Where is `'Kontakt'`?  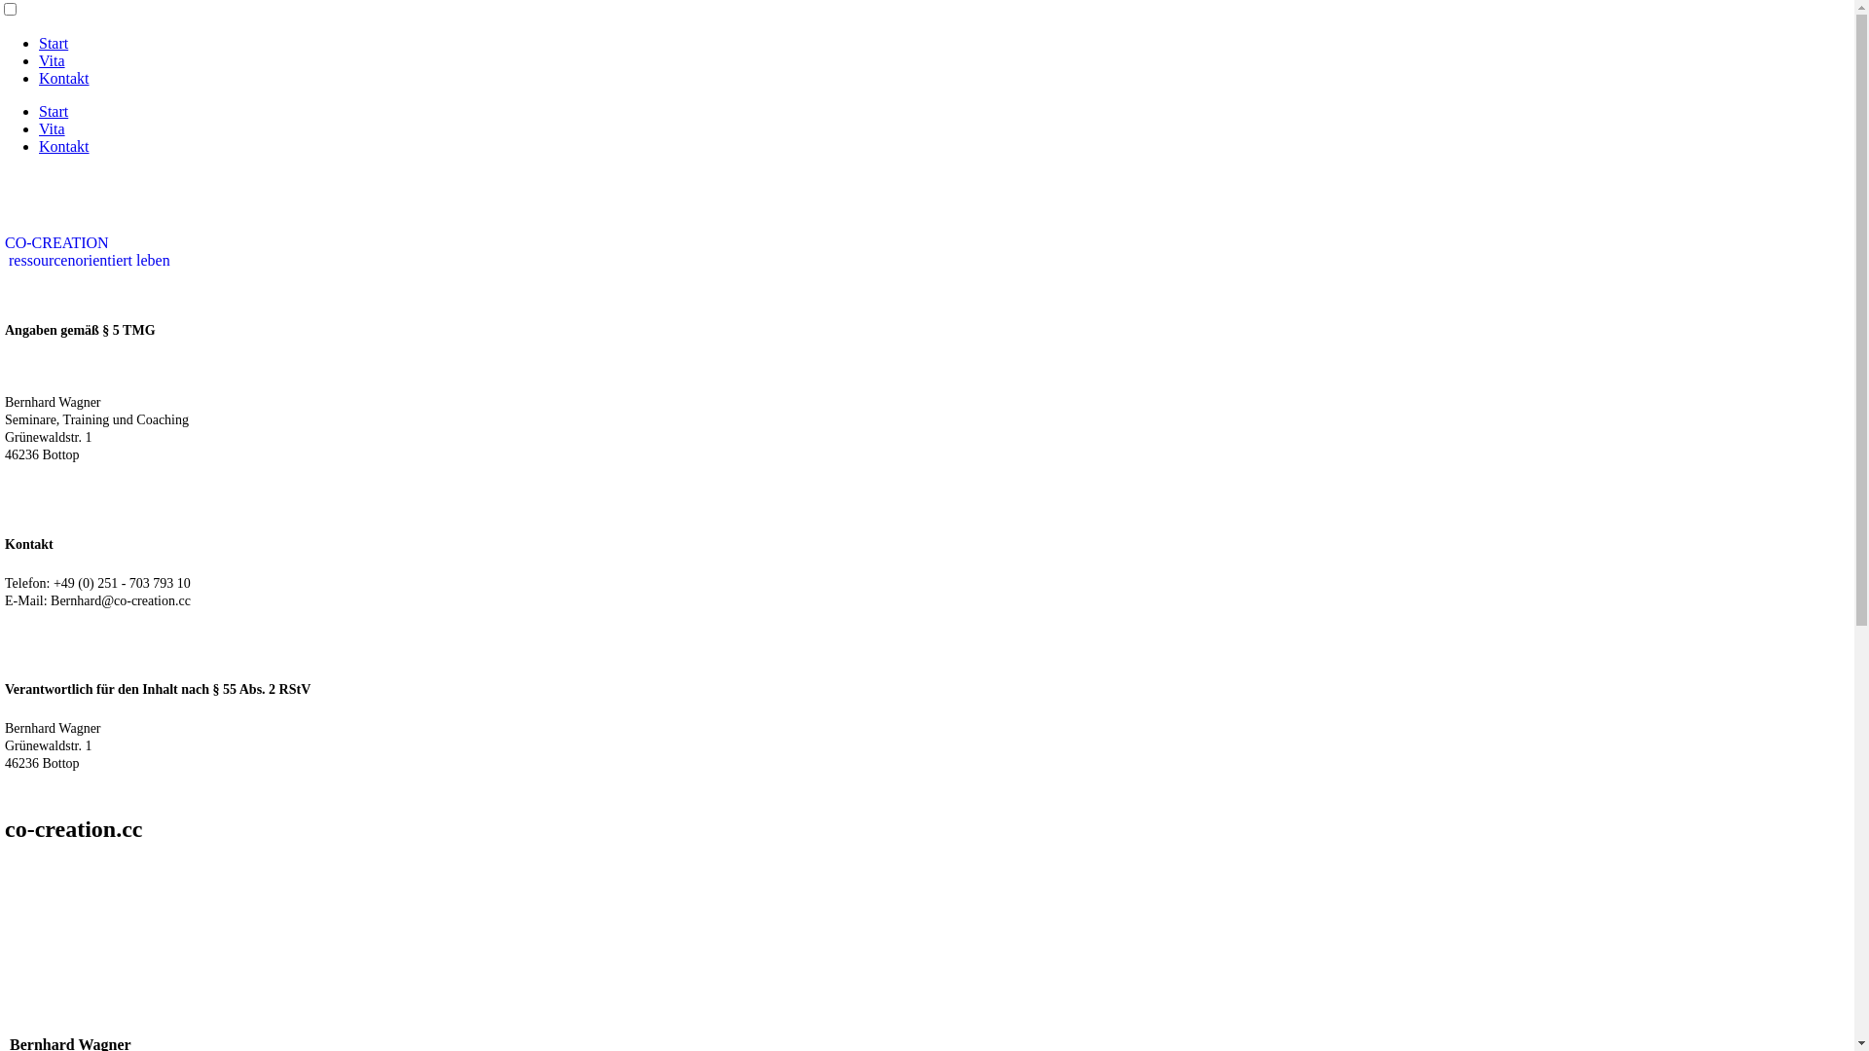 'Kontakt' is located at coordinates (64, 77).